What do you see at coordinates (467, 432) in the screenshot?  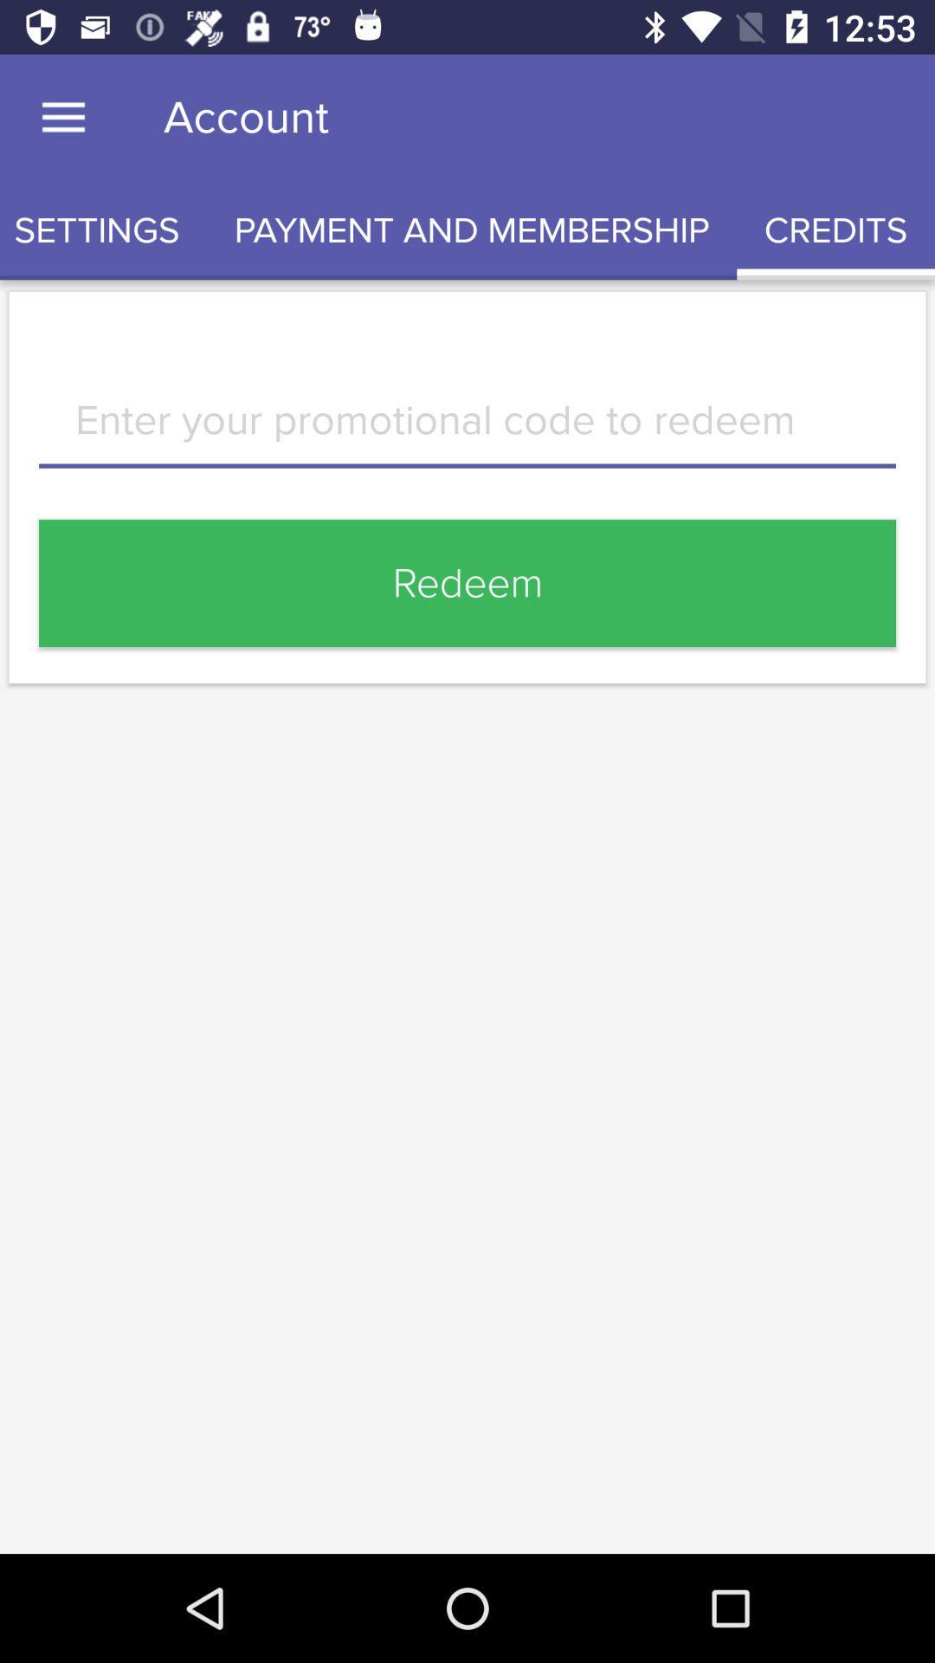 I see `item below the settings icon` at bounding box center [467, 432].